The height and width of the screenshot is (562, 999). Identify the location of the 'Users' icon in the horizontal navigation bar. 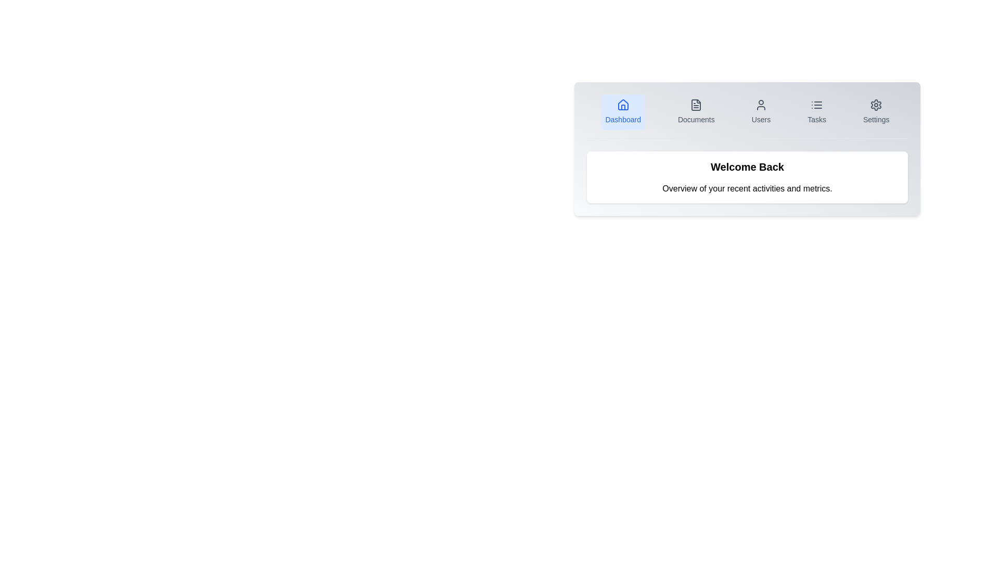
(761, 105).